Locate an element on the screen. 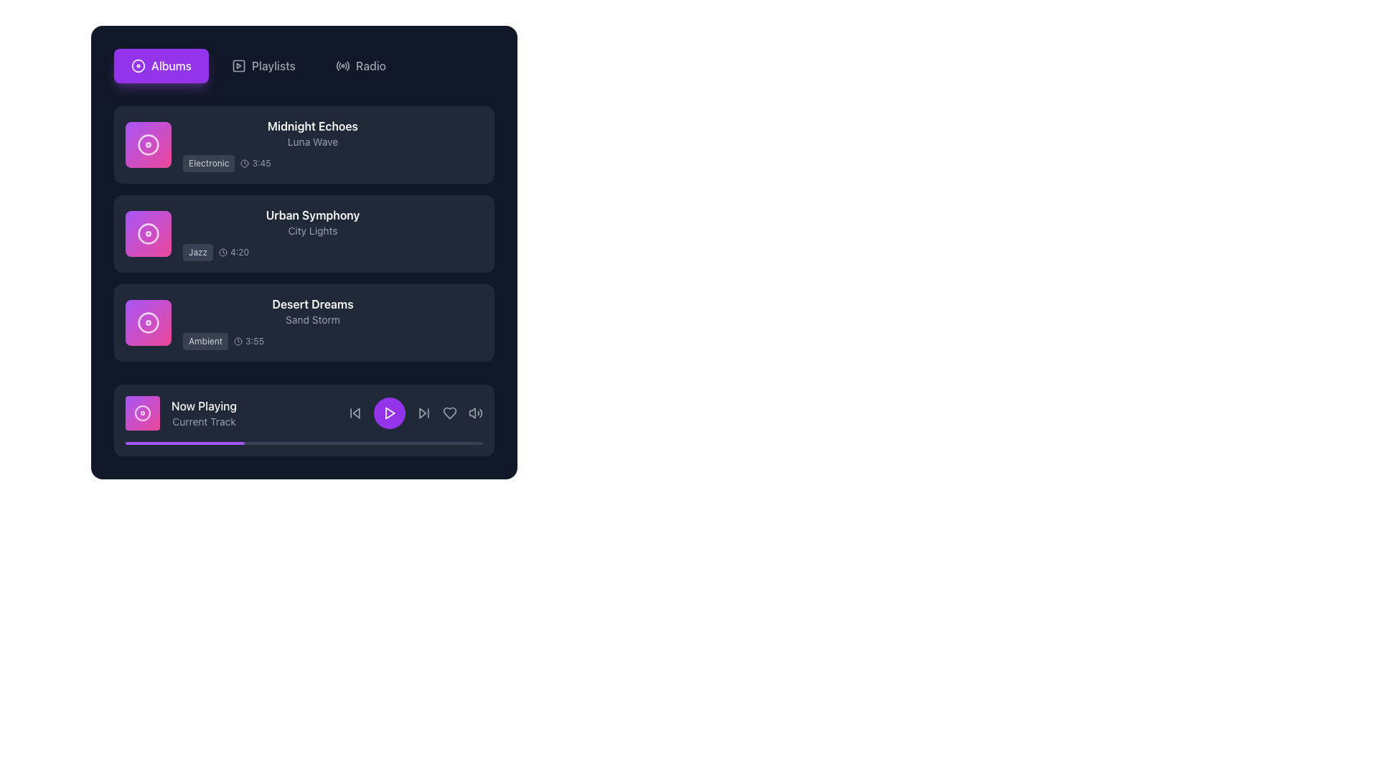 The width and height of the screenshot is (1378, 775). the circular gradient-filled icon that resembles a playback or music-related visual, located to the left of the text 'Now Playing' and 'Current Track' is located at coordinates (142, 413).